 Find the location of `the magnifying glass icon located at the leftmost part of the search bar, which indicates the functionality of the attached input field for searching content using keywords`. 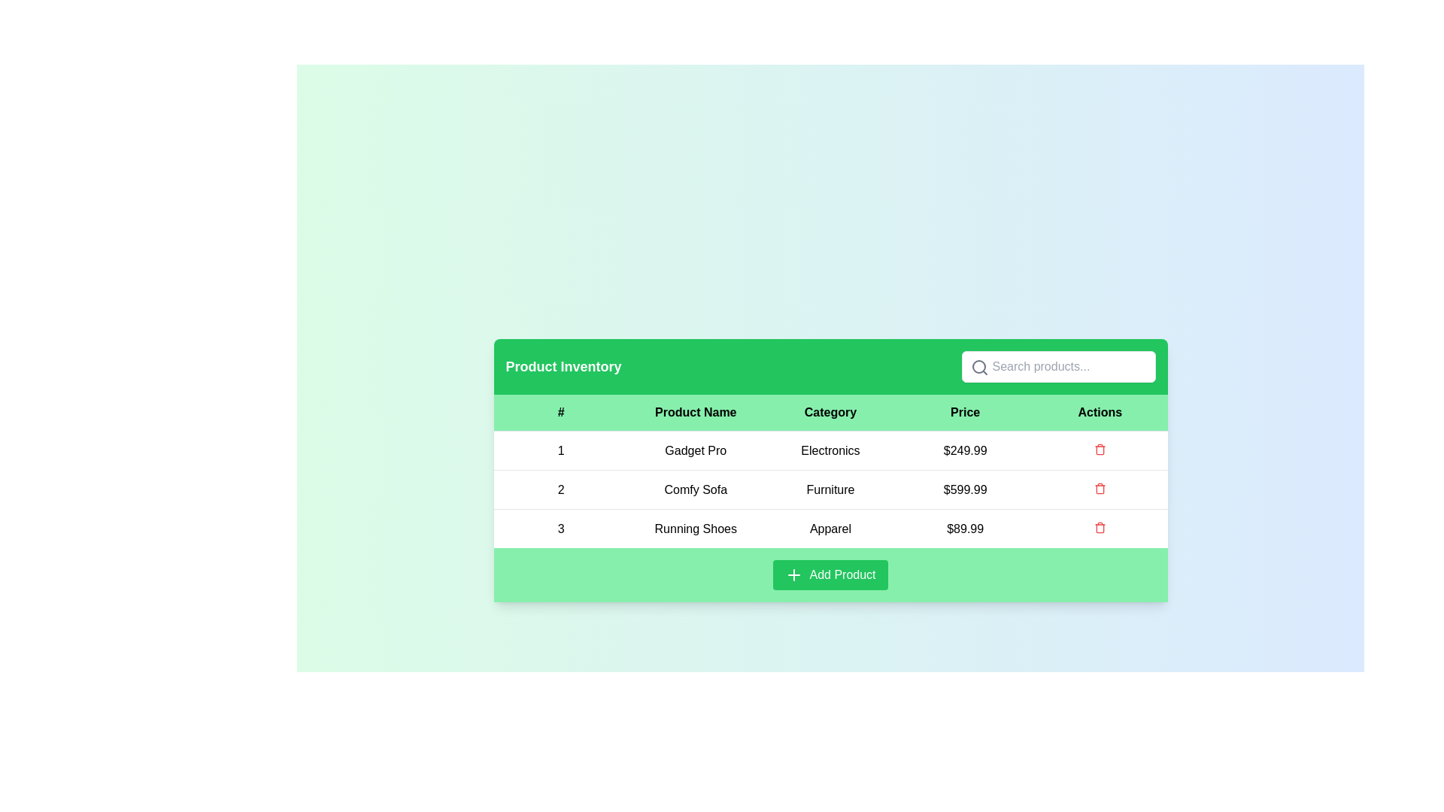

the magnifying glass icon located at the leftmost part of the search bar, which indicates the functionality of the attached input field for searching content using keywords is located at coordinates (979, 368).